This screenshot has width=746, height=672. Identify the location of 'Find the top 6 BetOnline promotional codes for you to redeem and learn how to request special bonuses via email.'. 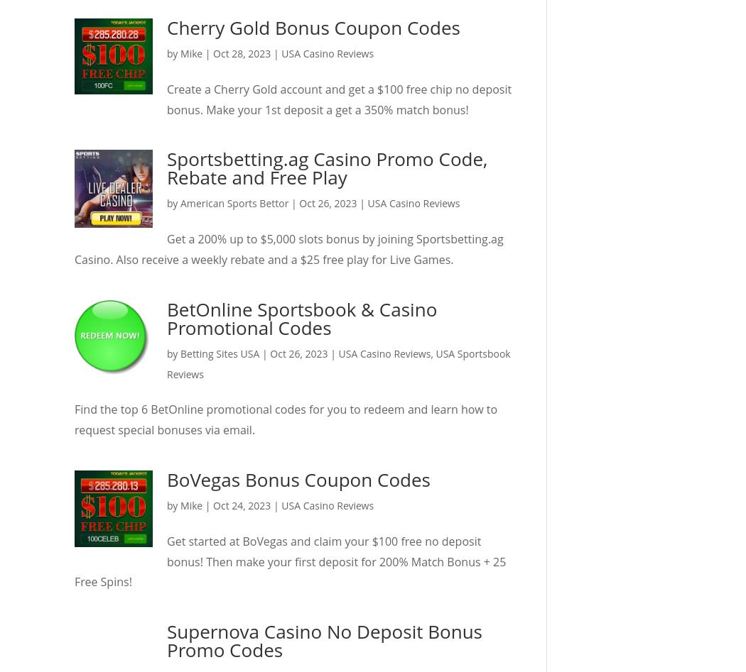
(75, 419).